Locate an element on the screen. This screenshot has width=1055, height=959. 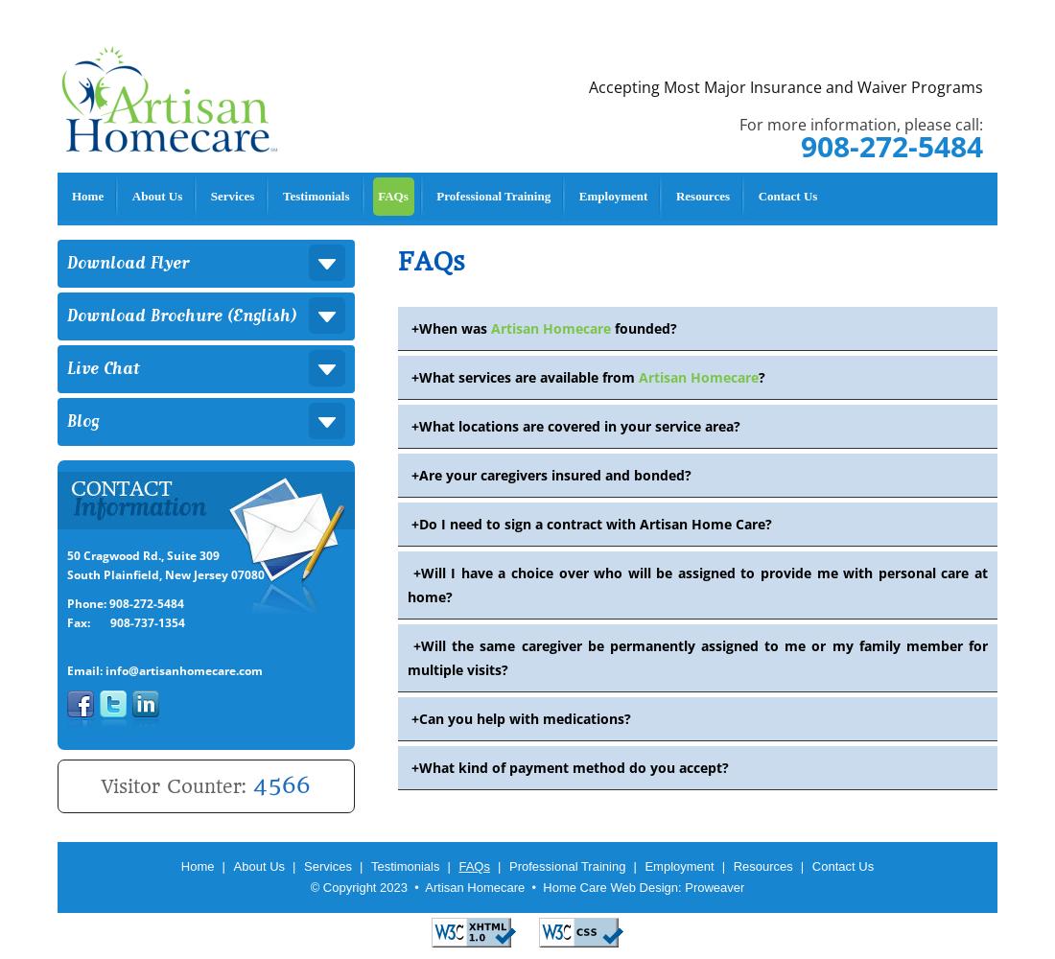
'Do I need to sign a contract with Artisan Home Care?' is located at coordinates (595, 524).